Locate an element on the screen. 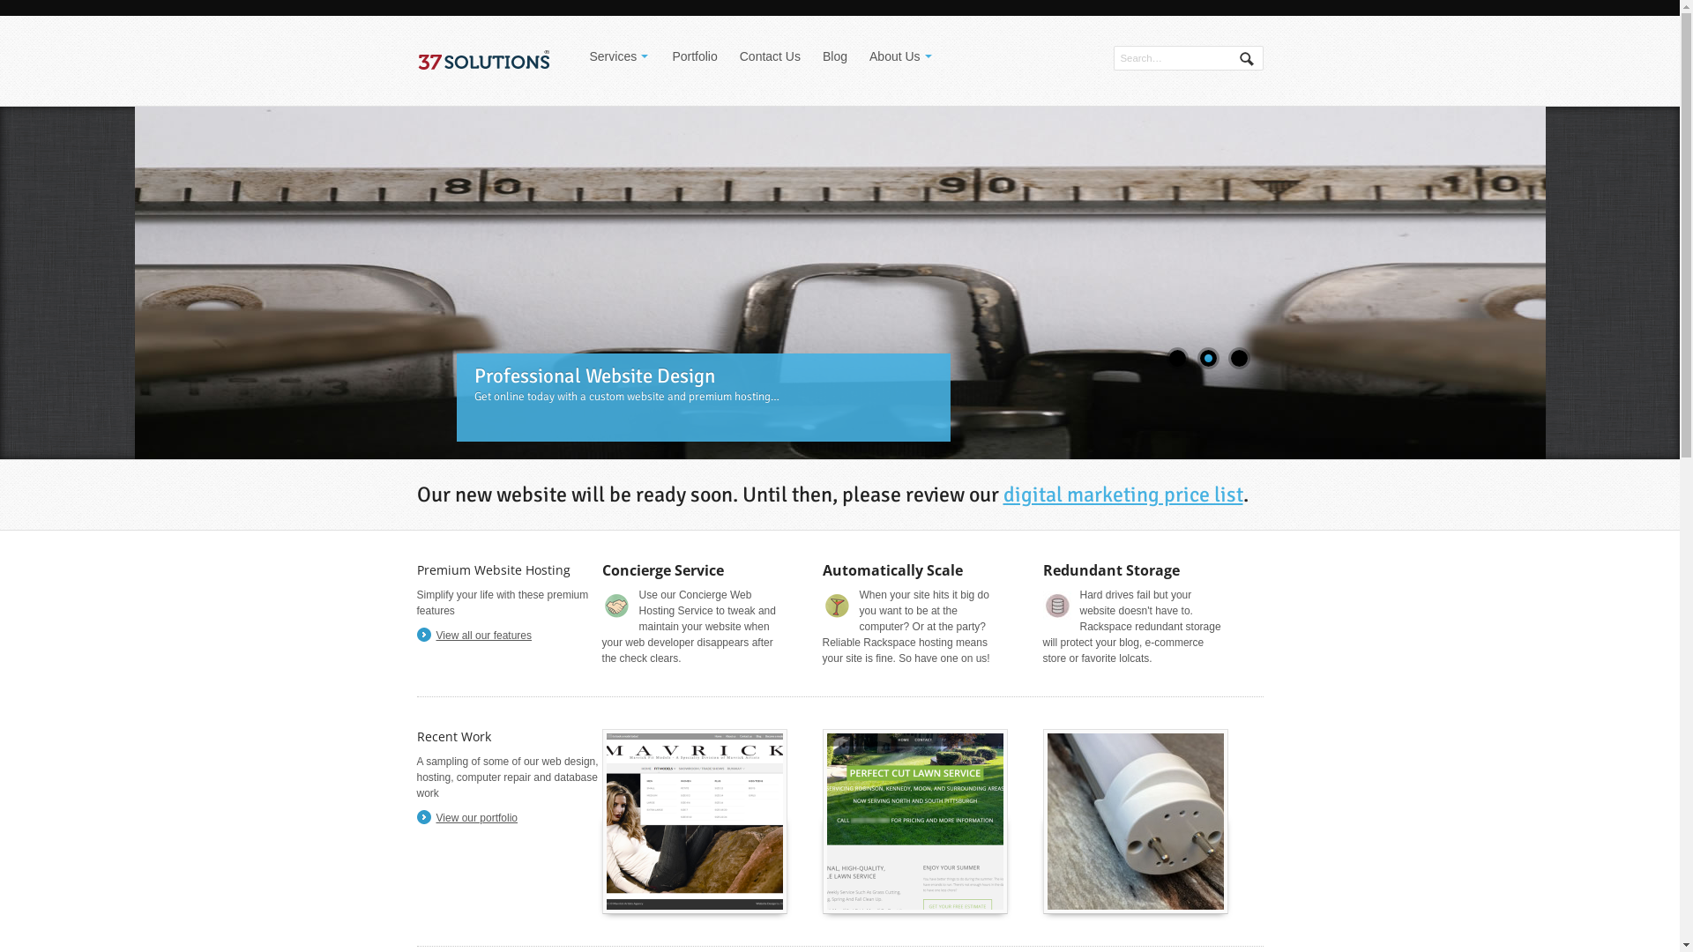 The width and height of the screenshot is (1693, 952). 'View all our features' is located at coordinates (474, 636).